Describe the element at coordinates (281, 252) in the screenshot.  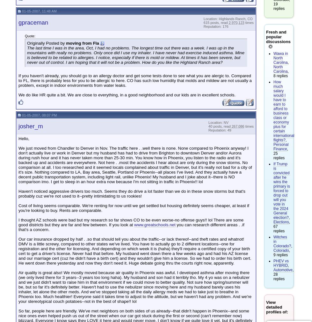
I see `', 9 replies'` at that location.